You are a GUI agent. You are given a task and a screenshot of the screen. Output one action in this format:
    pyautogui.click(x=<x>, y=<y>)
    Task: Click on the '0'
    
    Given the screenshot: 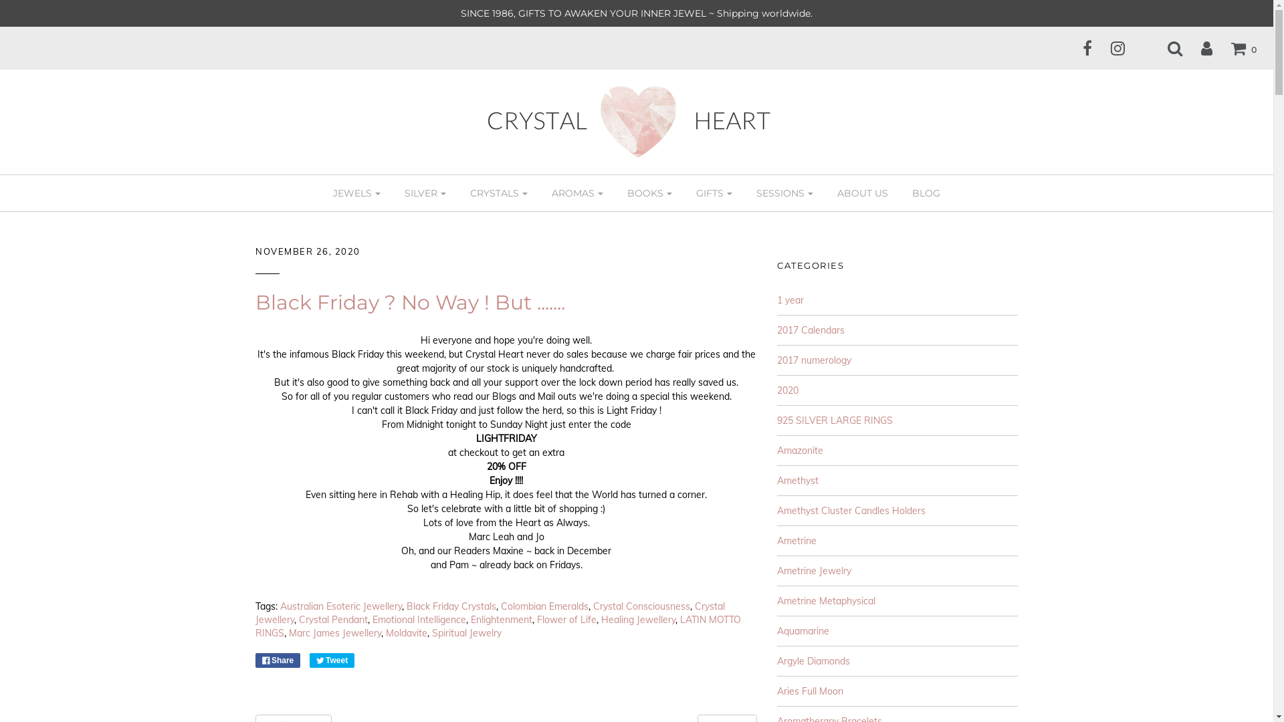 What is the action you would take?
    pyautogui.click(x=1235, y=47)
    